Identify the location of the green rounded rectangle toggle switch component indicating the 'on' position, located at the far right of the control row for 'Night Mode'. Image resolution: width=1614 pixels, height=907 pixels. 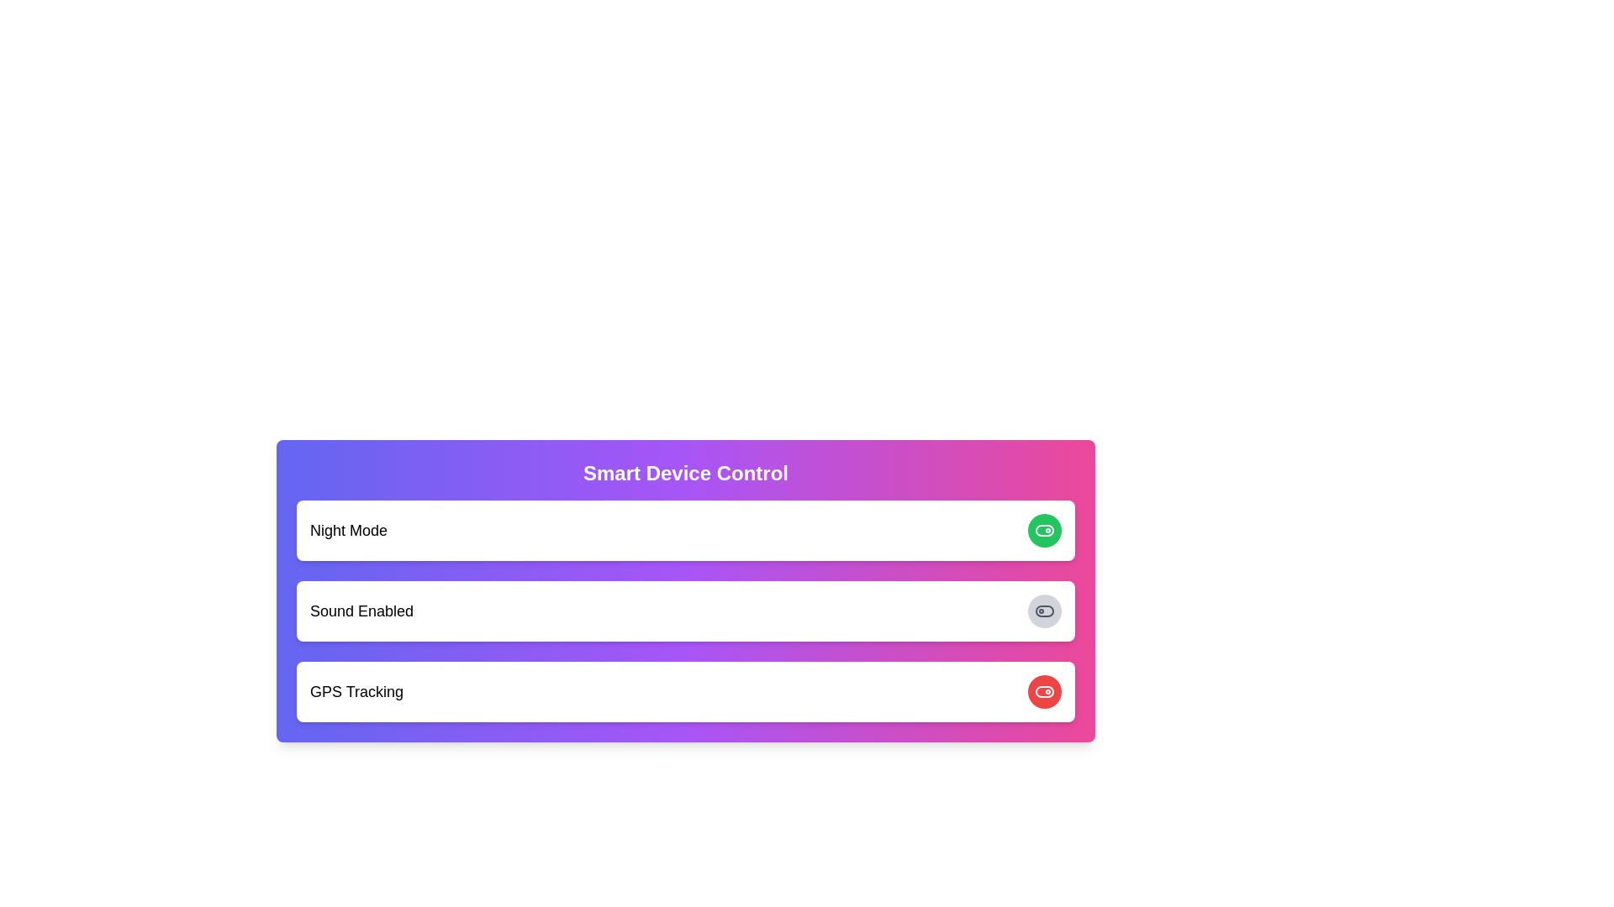
(1044, 531).